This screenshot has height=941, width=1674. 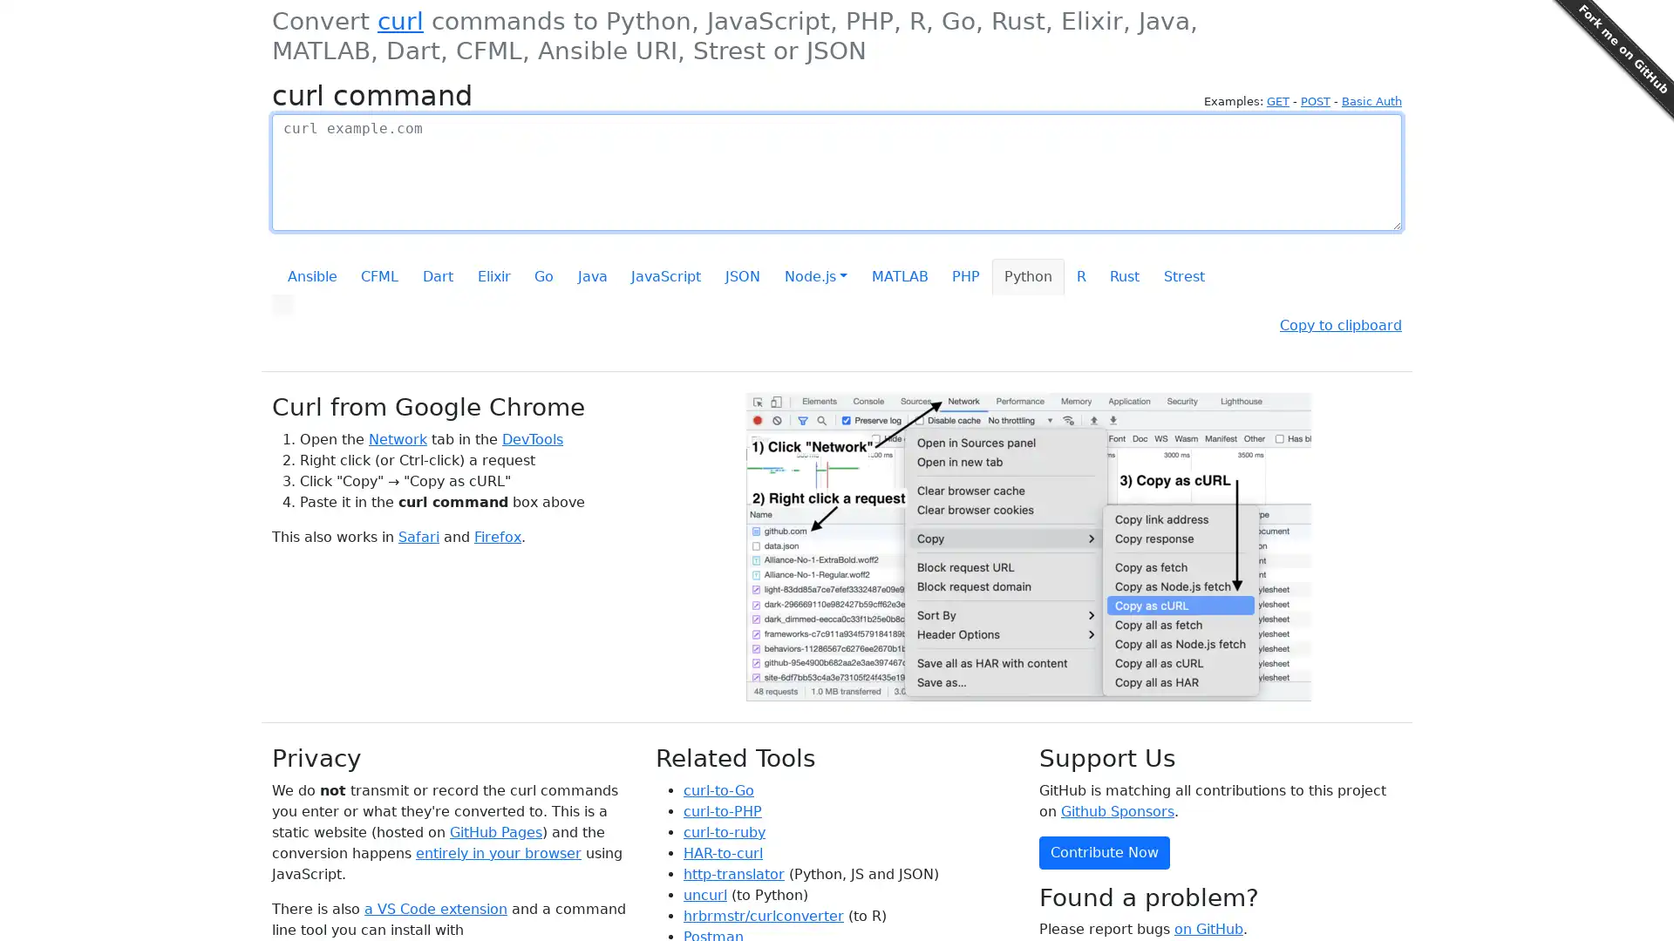 What do you see at coordinates (814, 275) in the screenshot?
I see `Node.js` at bounding box center [814, 275].